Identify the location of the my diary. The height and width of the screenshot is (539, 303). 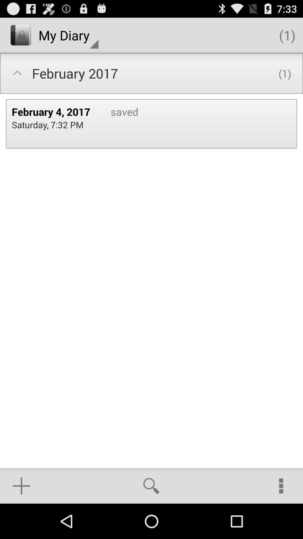
(68, 35).